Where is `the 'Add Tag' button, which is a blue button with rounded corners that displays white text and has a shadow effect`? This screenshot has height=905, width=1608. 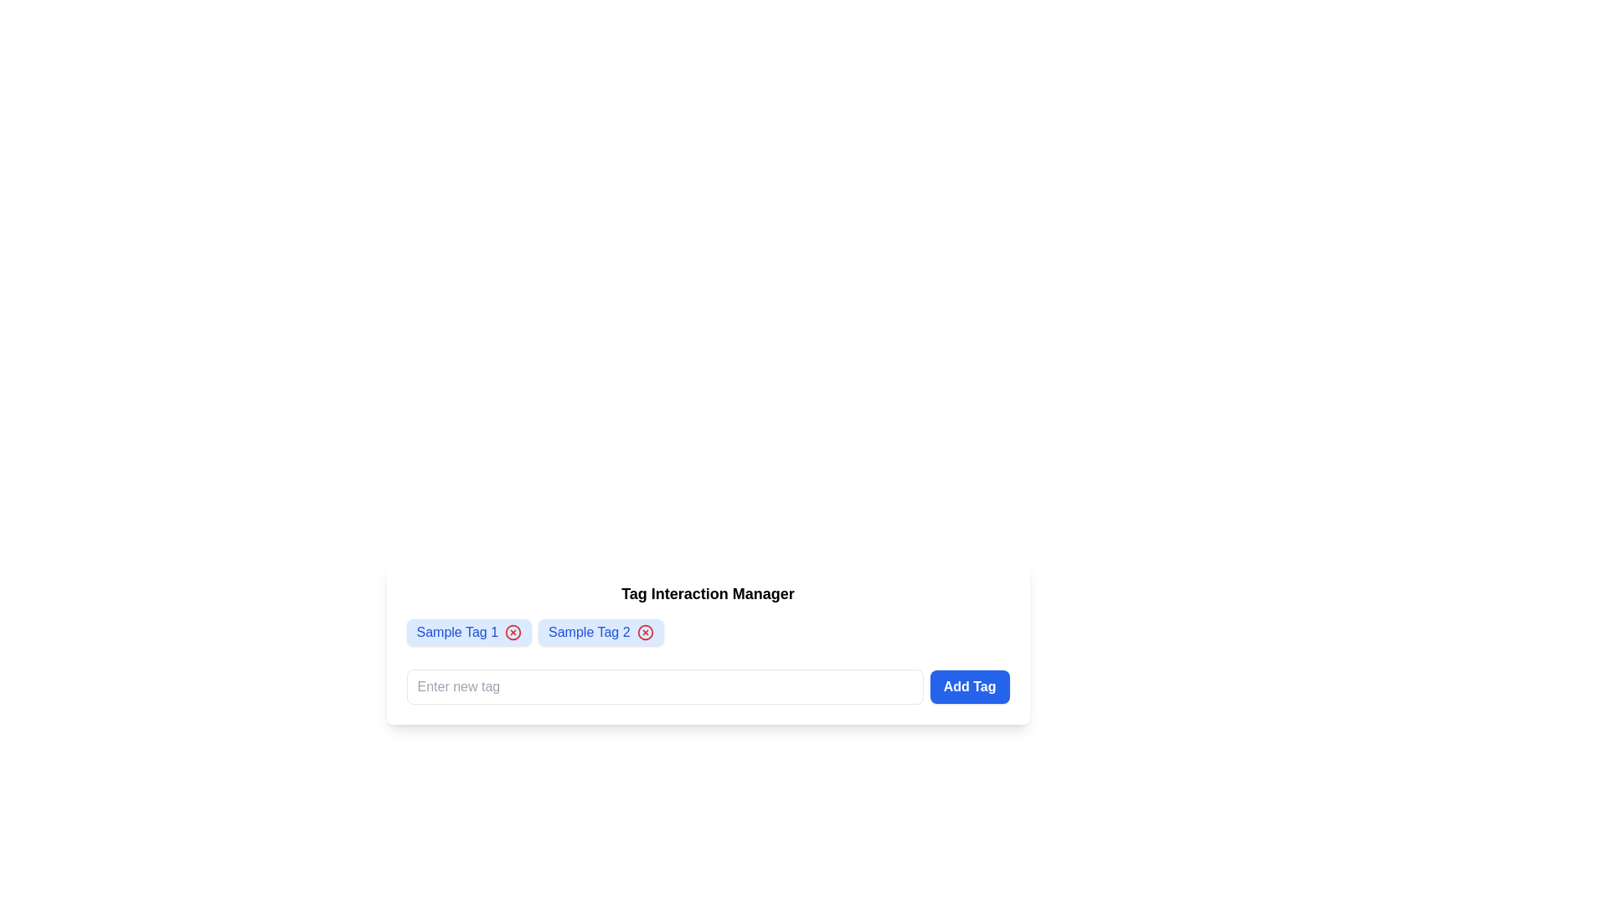
the 'Add Tag' button, which is a blue button with rounded corners that displays white text and has a shadow effect is located at coordinates (970, 687).